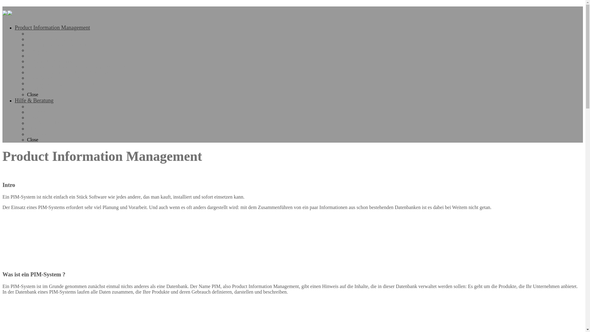 The image size is (590, 332). Describe the element at coordinates (50, 61) in the screenshot. I see `'PIM und das Marketing'` at that location.